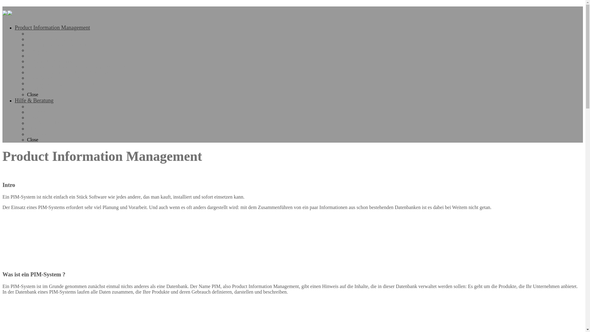 The image size is (590, 332). Describe the element at coordinates (50, 61) in the screenshot. I see `'PIM und das Marketing'` at that location.